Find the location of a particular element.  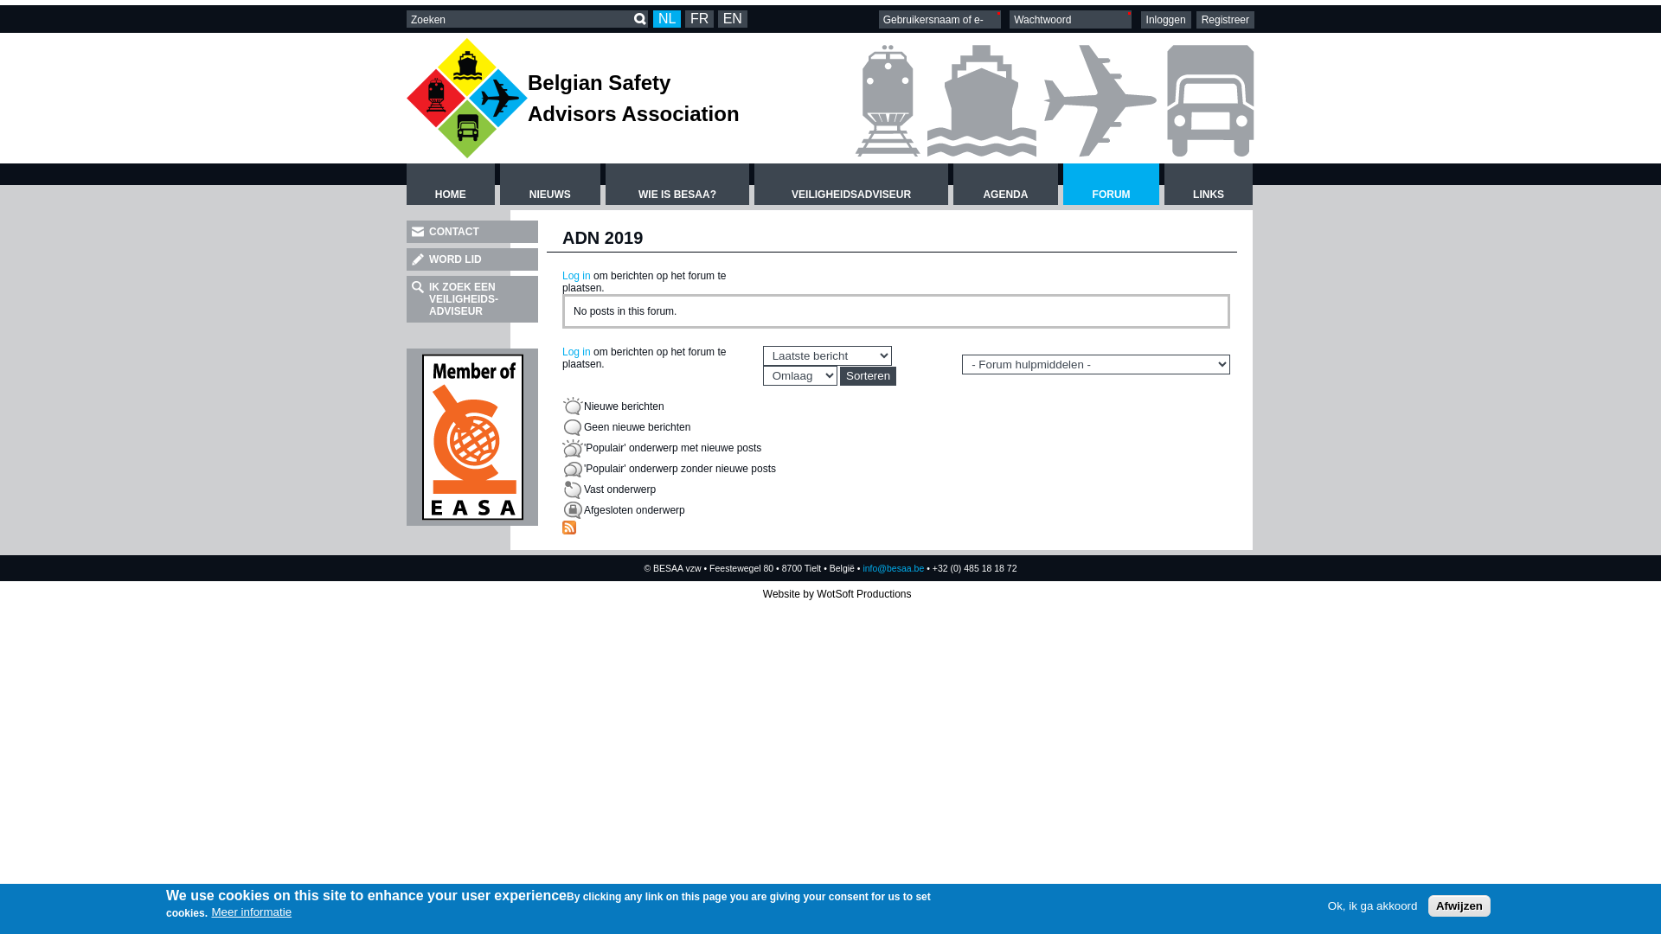

'Abonneren op RSS - ADN 2019' is located at coordinates (568, 527).